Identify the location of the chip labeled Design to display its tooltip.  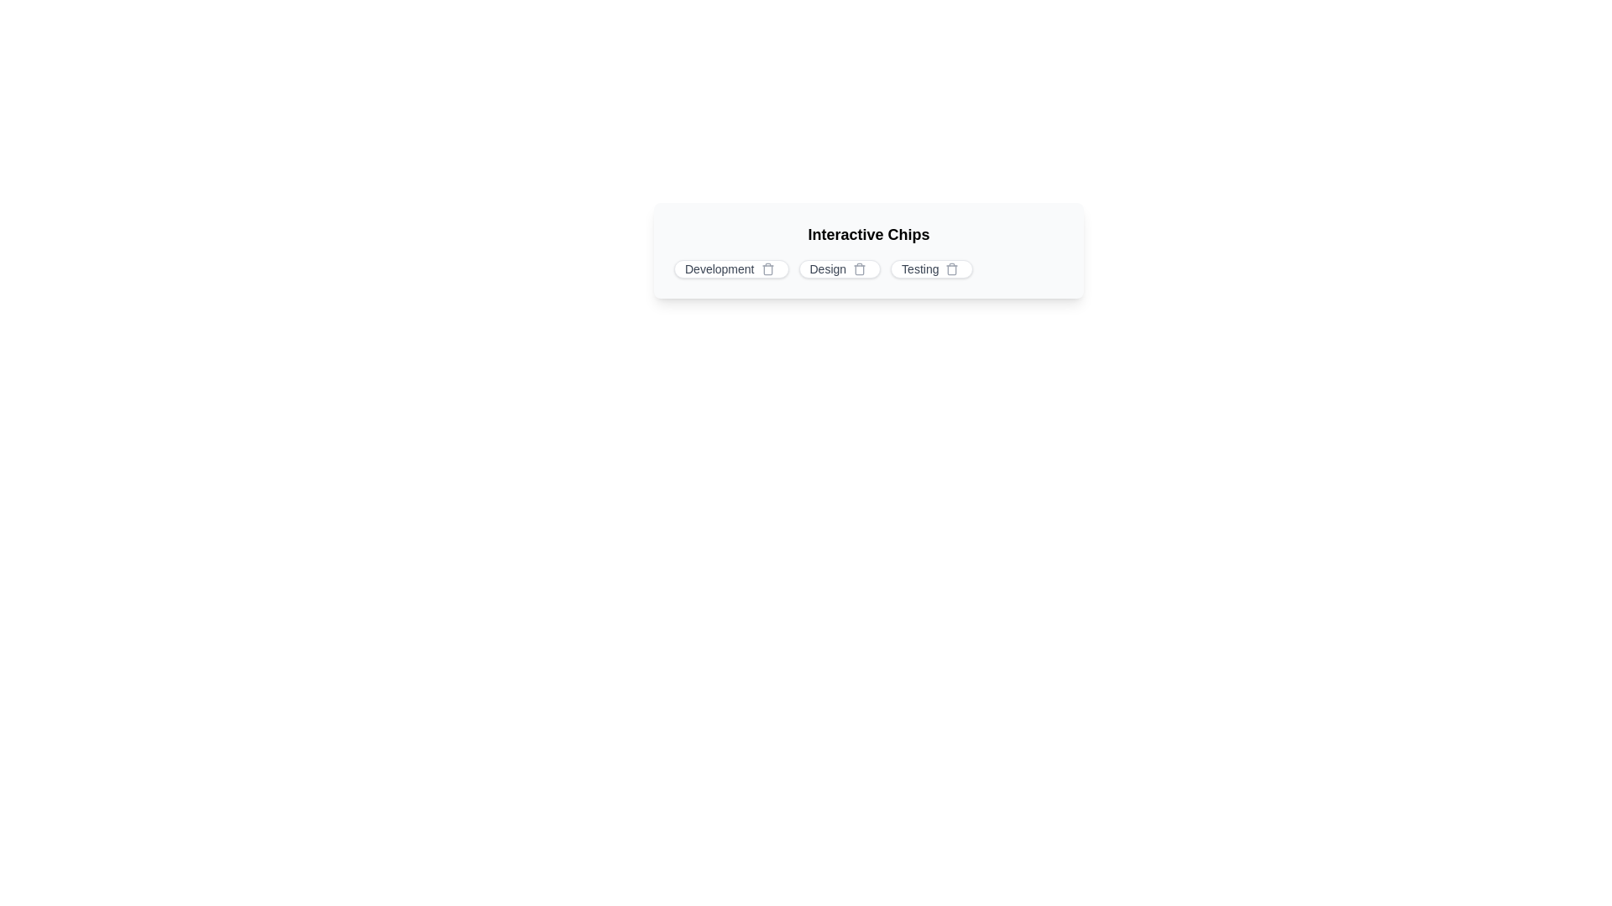
(840, 268).